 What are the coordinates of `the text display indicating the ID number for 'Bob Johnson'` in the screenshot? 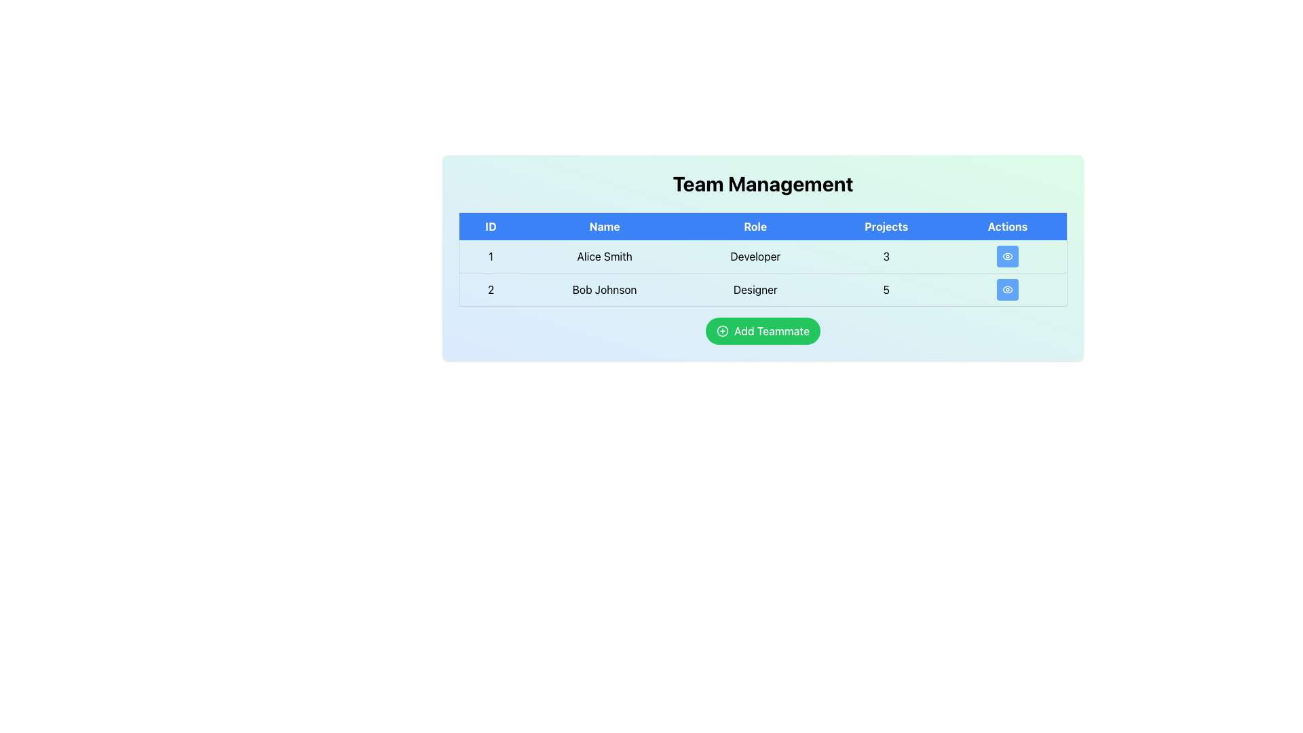 It's located at (490, 289).